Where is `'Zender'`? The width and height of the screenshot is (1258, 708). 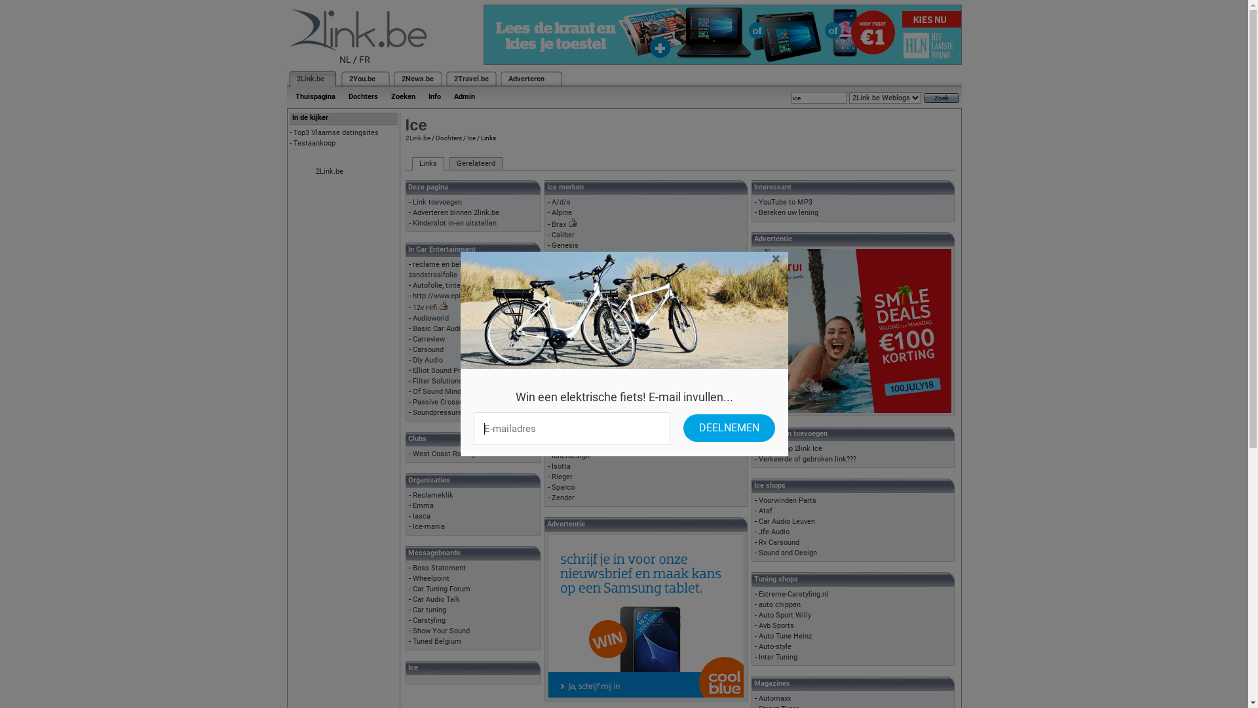 'Zender' is located at coordinates (563, 498).